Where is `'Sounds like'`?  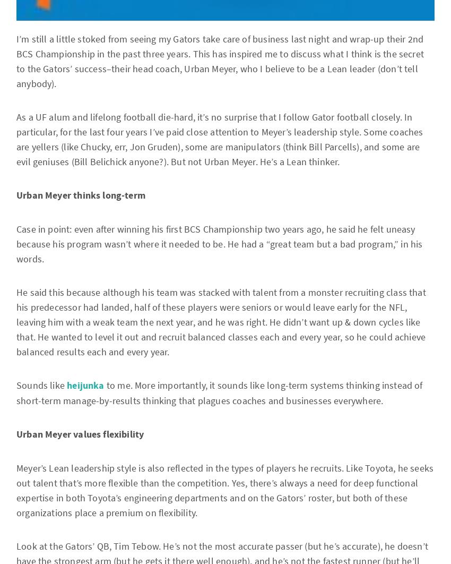
'Sounds like' is located at coordinates (41, 385).